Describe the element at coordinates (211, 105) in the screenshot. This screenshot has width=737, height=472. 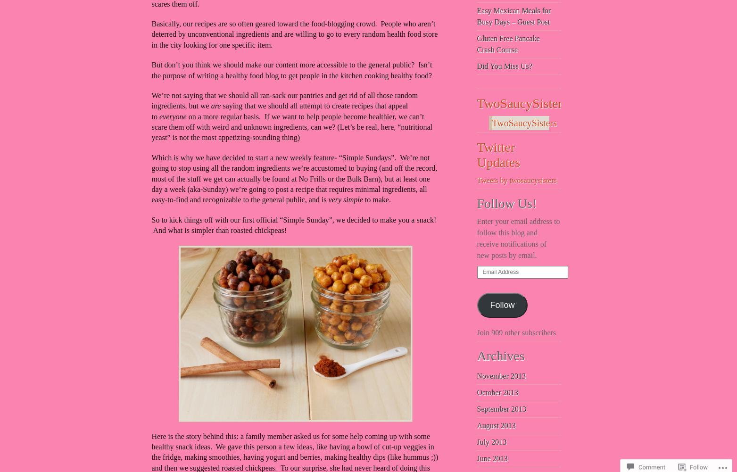
I see `'are'` at that location.